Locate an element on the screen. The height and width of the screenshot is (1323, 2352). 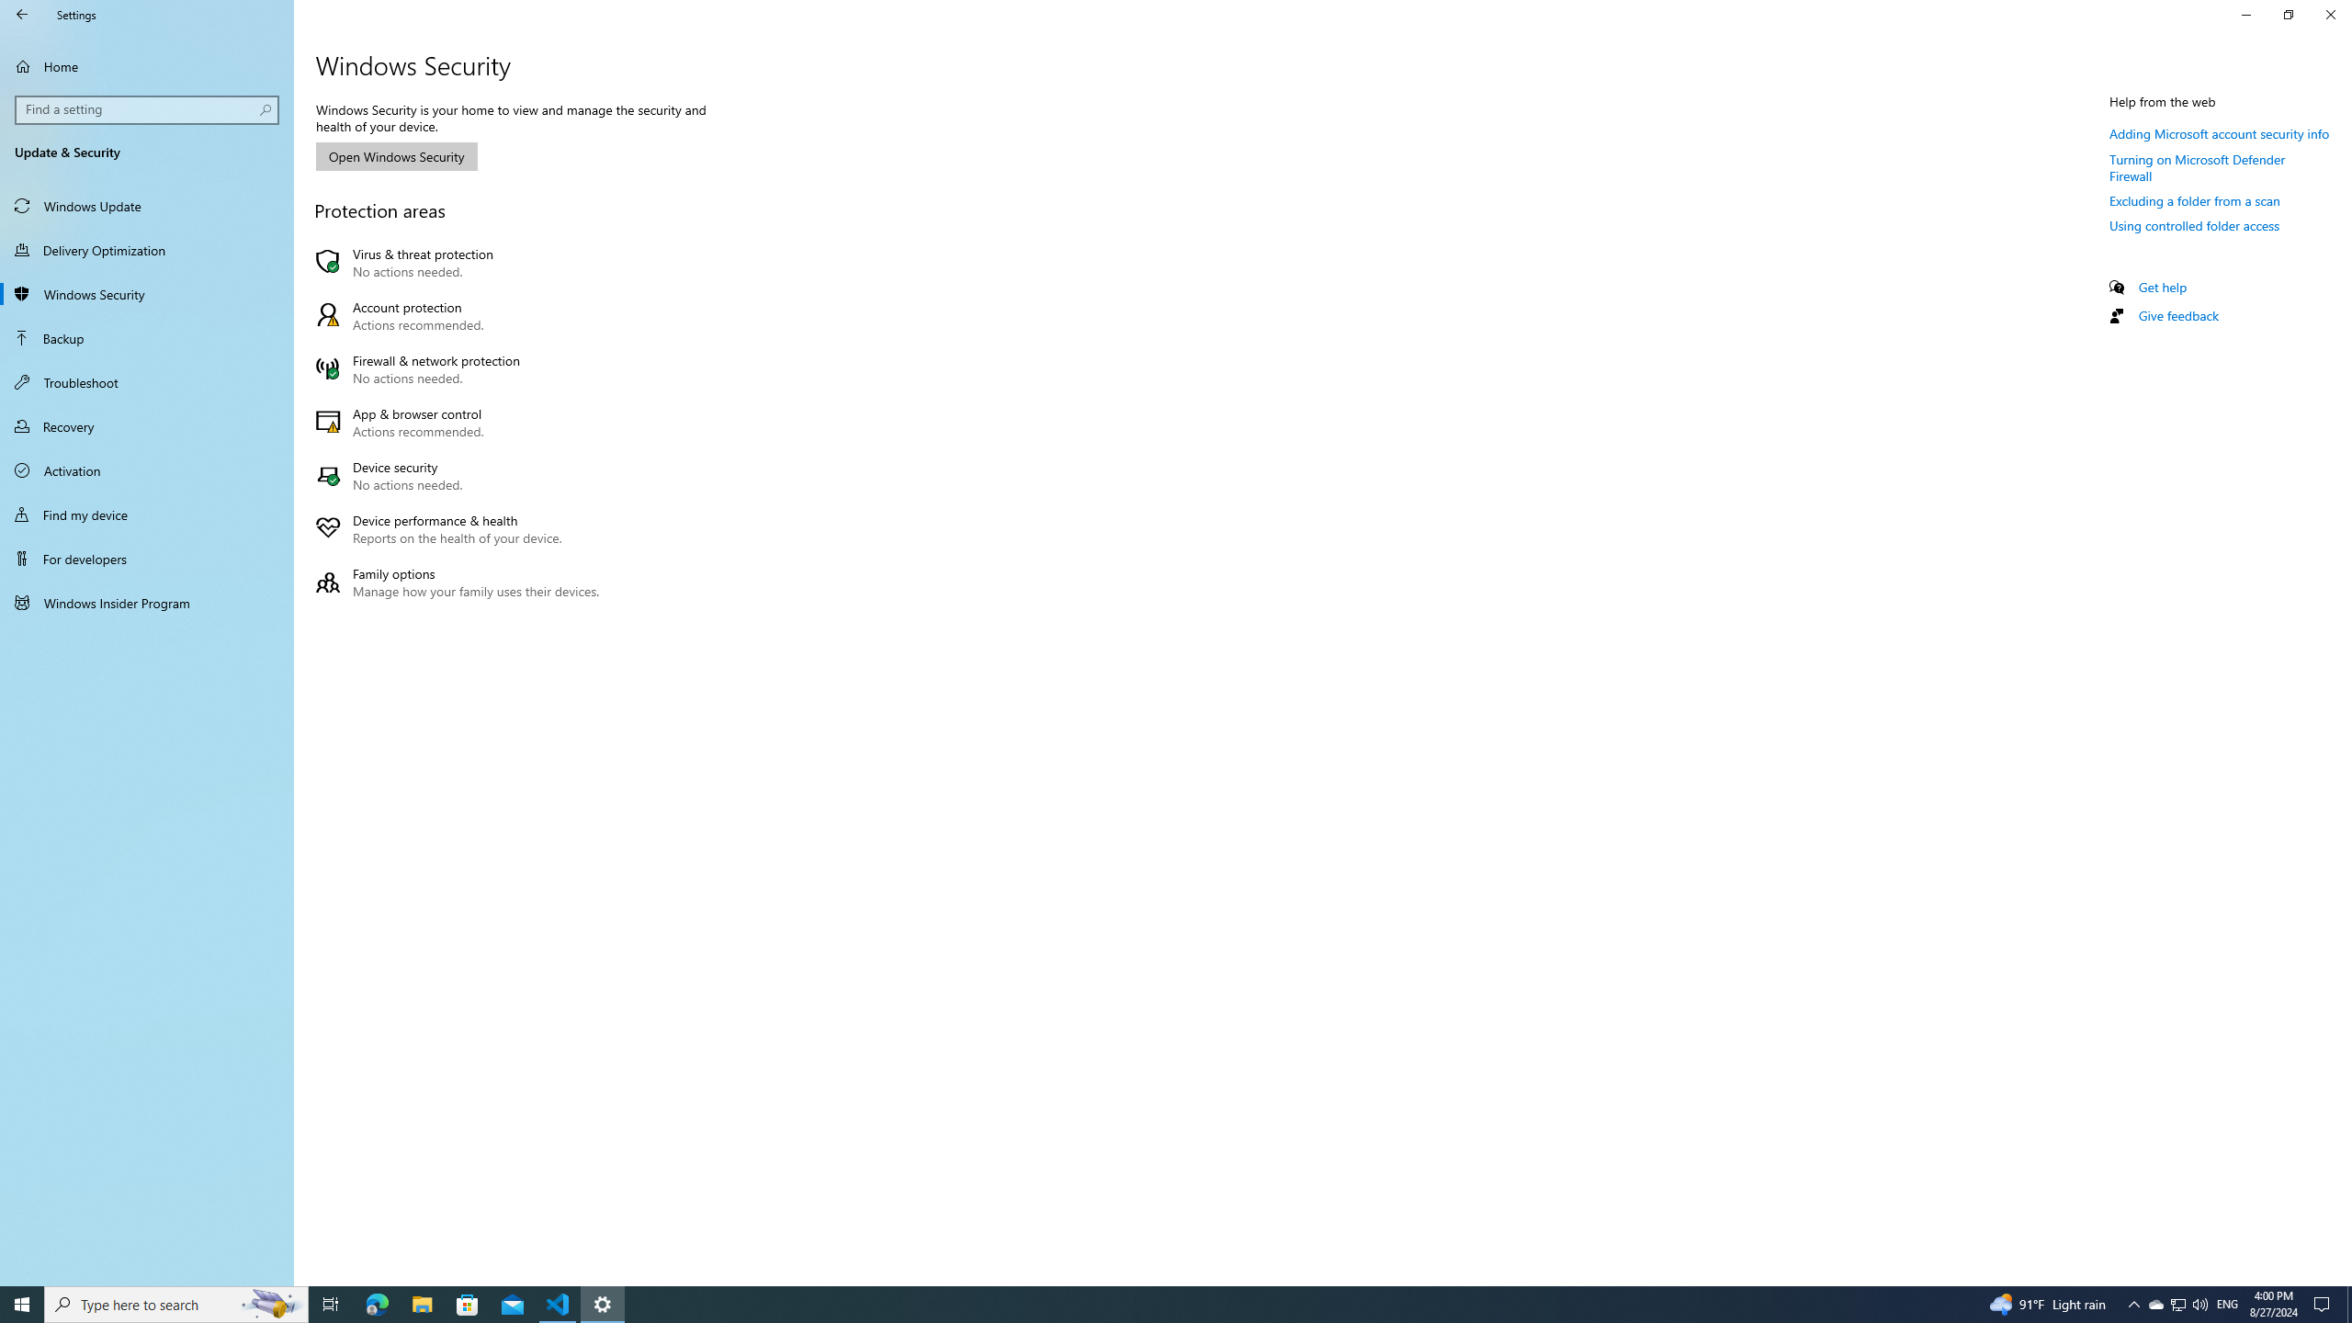
'Minimize Settings' is located at coordinates (2245, 14).